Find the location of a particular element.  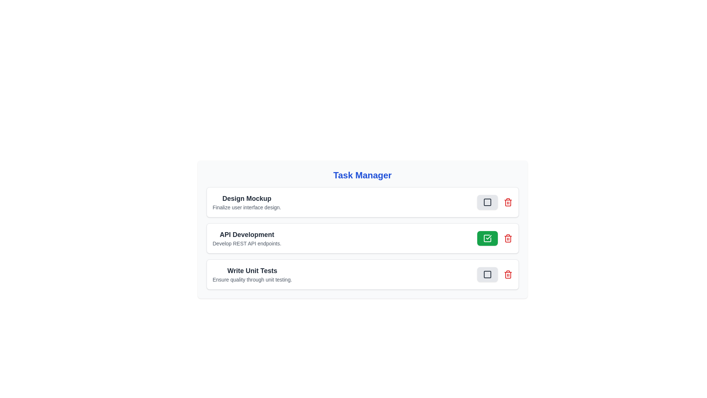

the task title of the second task card in the Task Manager is located at coordinates (362, 238).